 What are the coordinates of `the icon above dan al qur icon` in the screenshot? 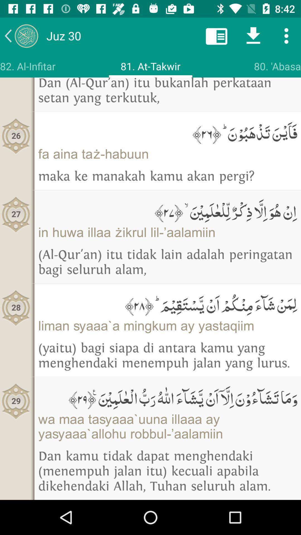 It's located at (28, 66).